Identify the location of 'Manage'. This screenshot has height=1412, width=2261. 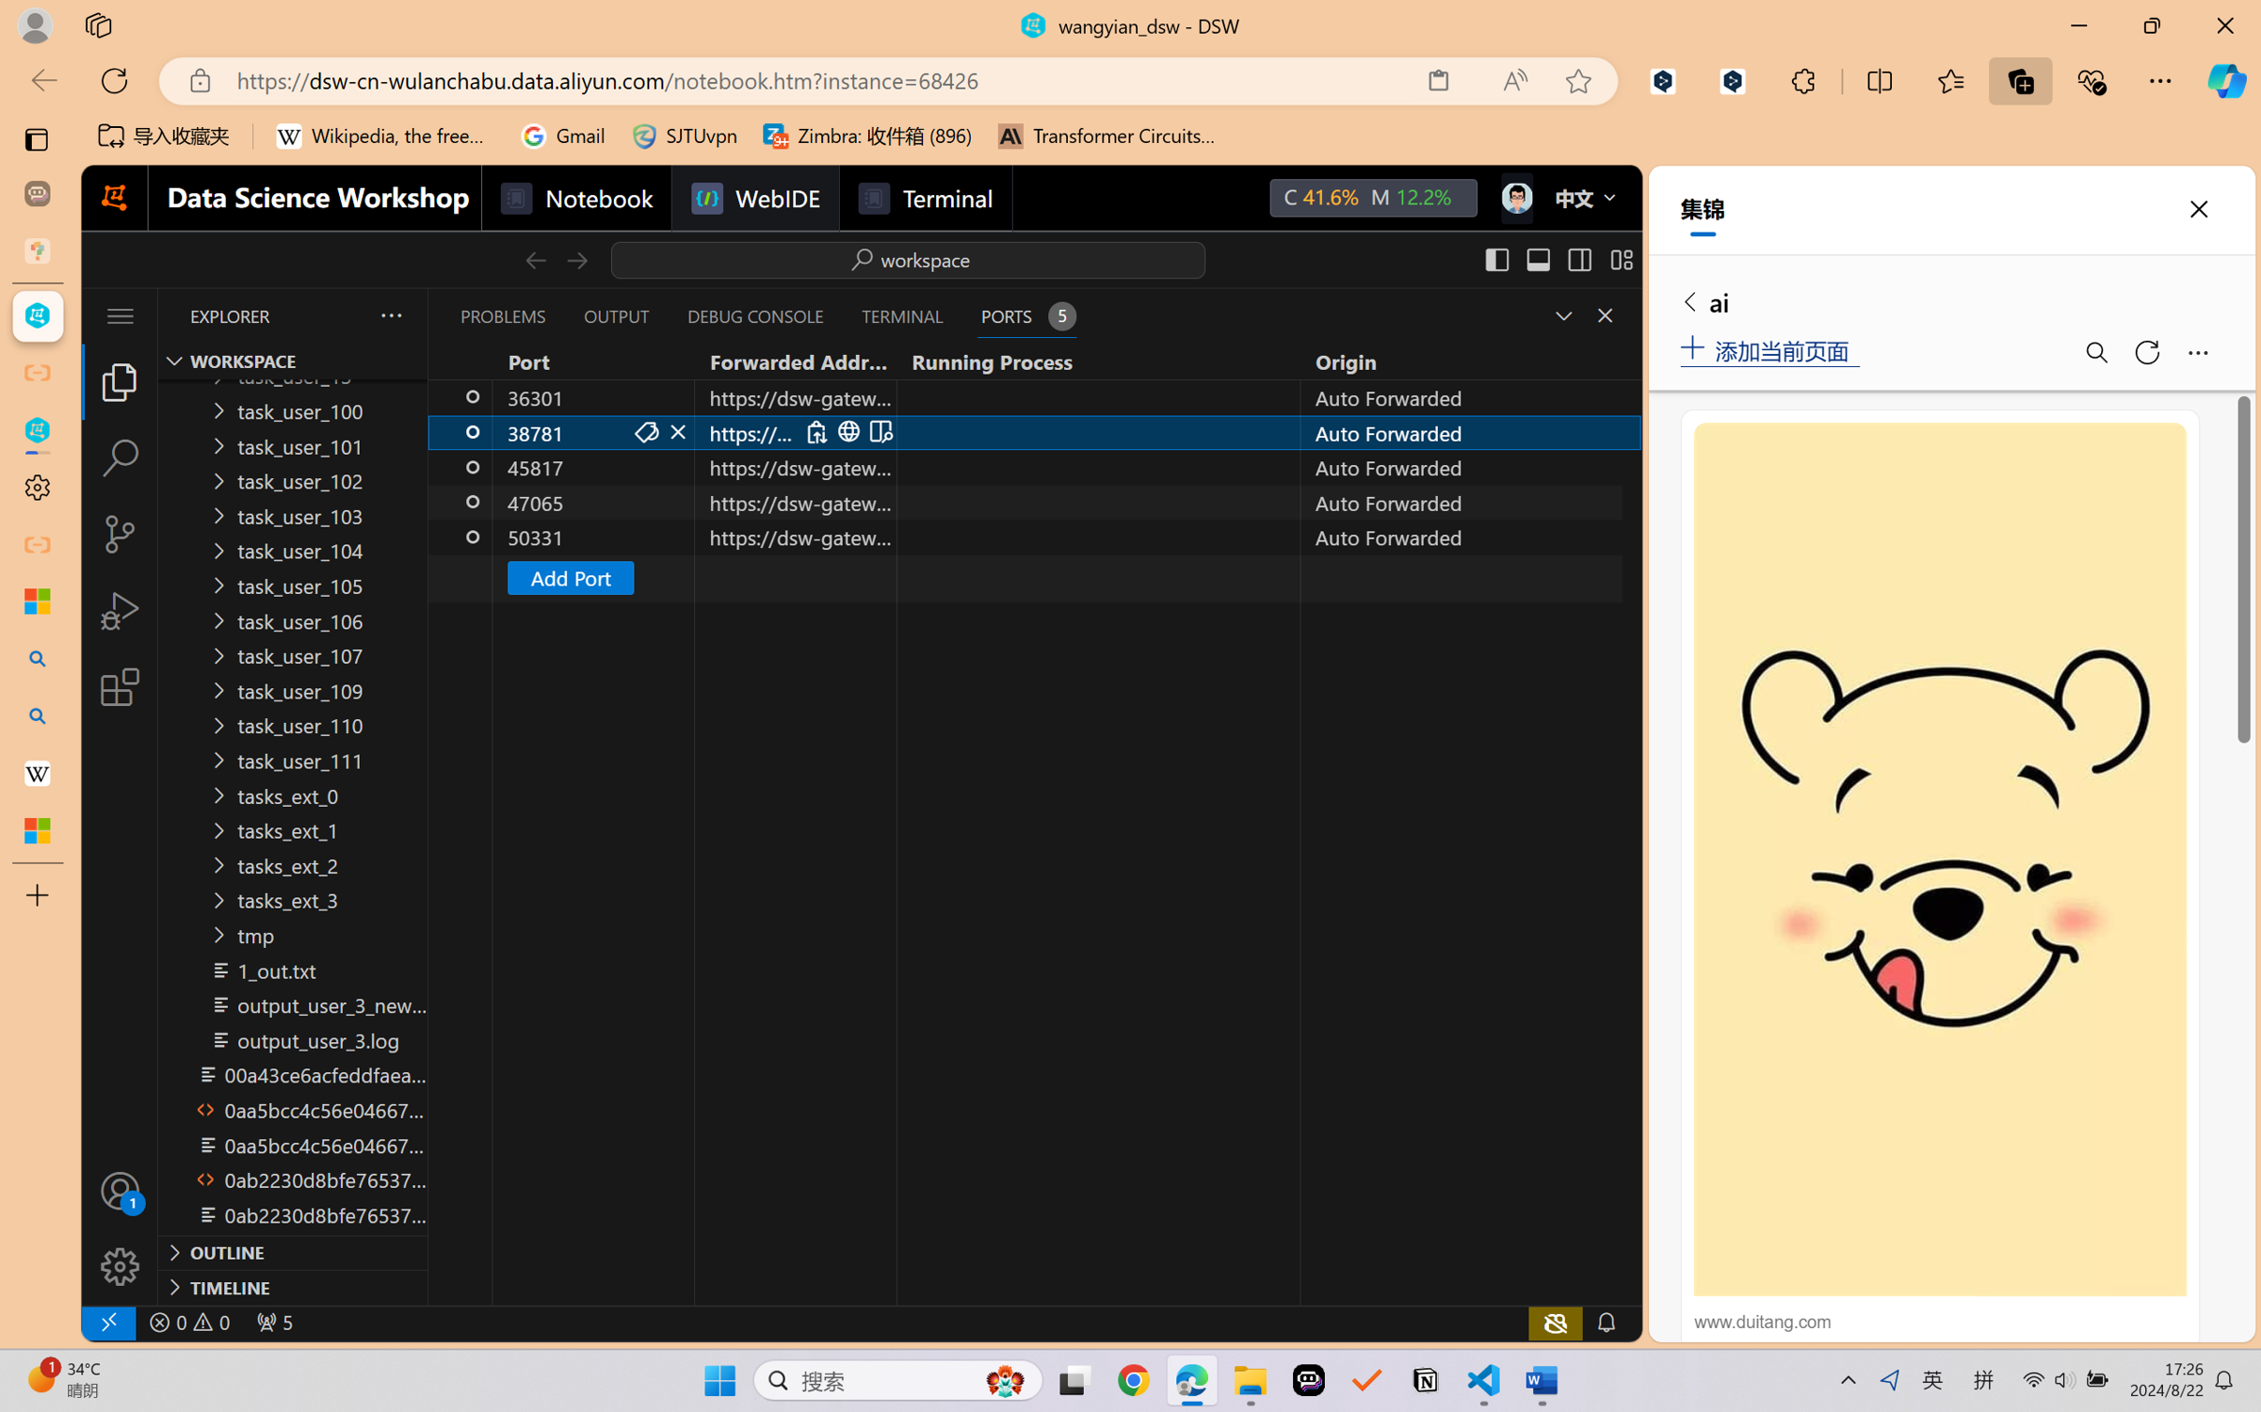
(119, 1227).